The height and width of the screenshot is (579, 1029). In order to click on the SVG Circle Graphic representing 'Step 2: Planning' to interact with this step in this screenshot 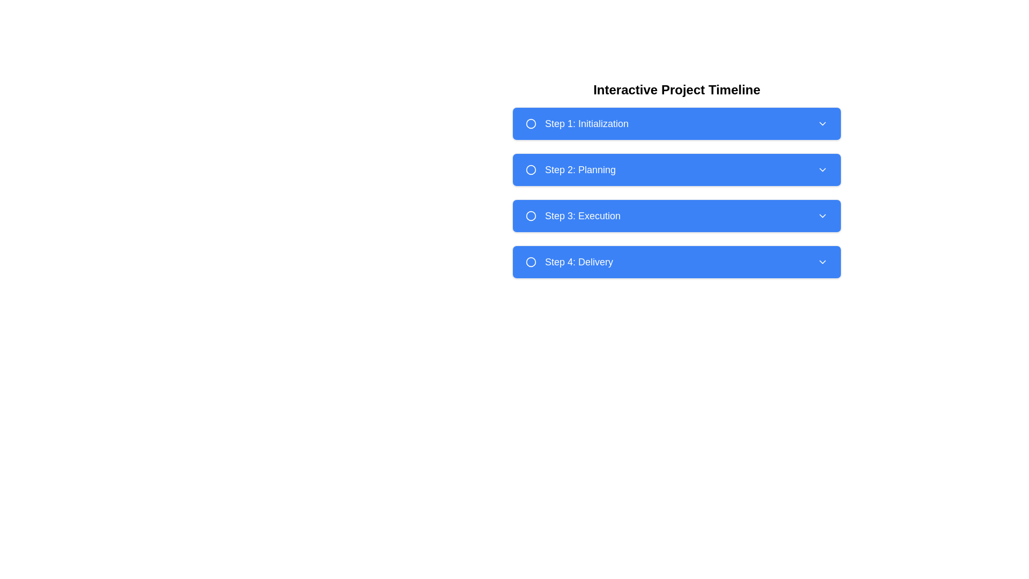, I will do `click(531, 169)`.